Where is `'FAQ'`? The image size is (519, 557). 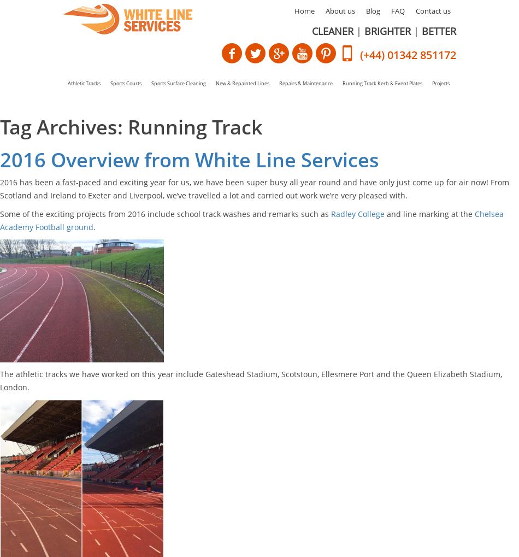 'FAQ' is located at coordinates (397, 10).